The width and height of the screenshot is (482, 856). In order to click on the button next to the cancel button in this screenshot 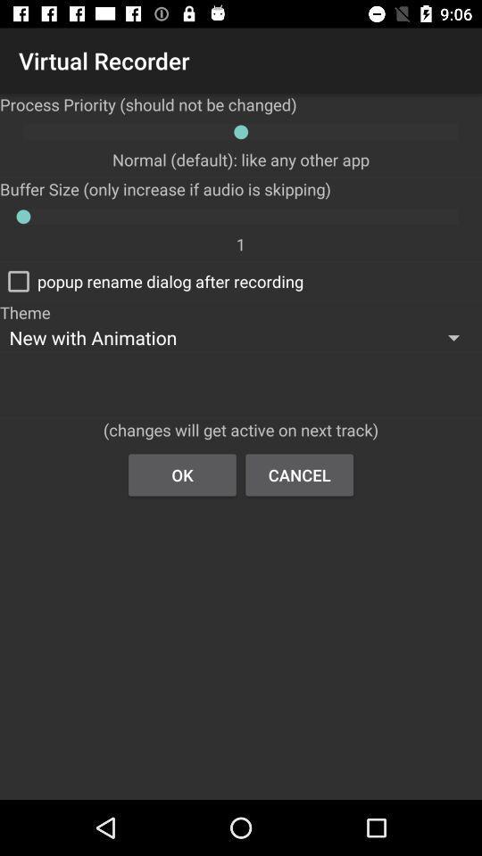, I will do `click(181, 473)`.